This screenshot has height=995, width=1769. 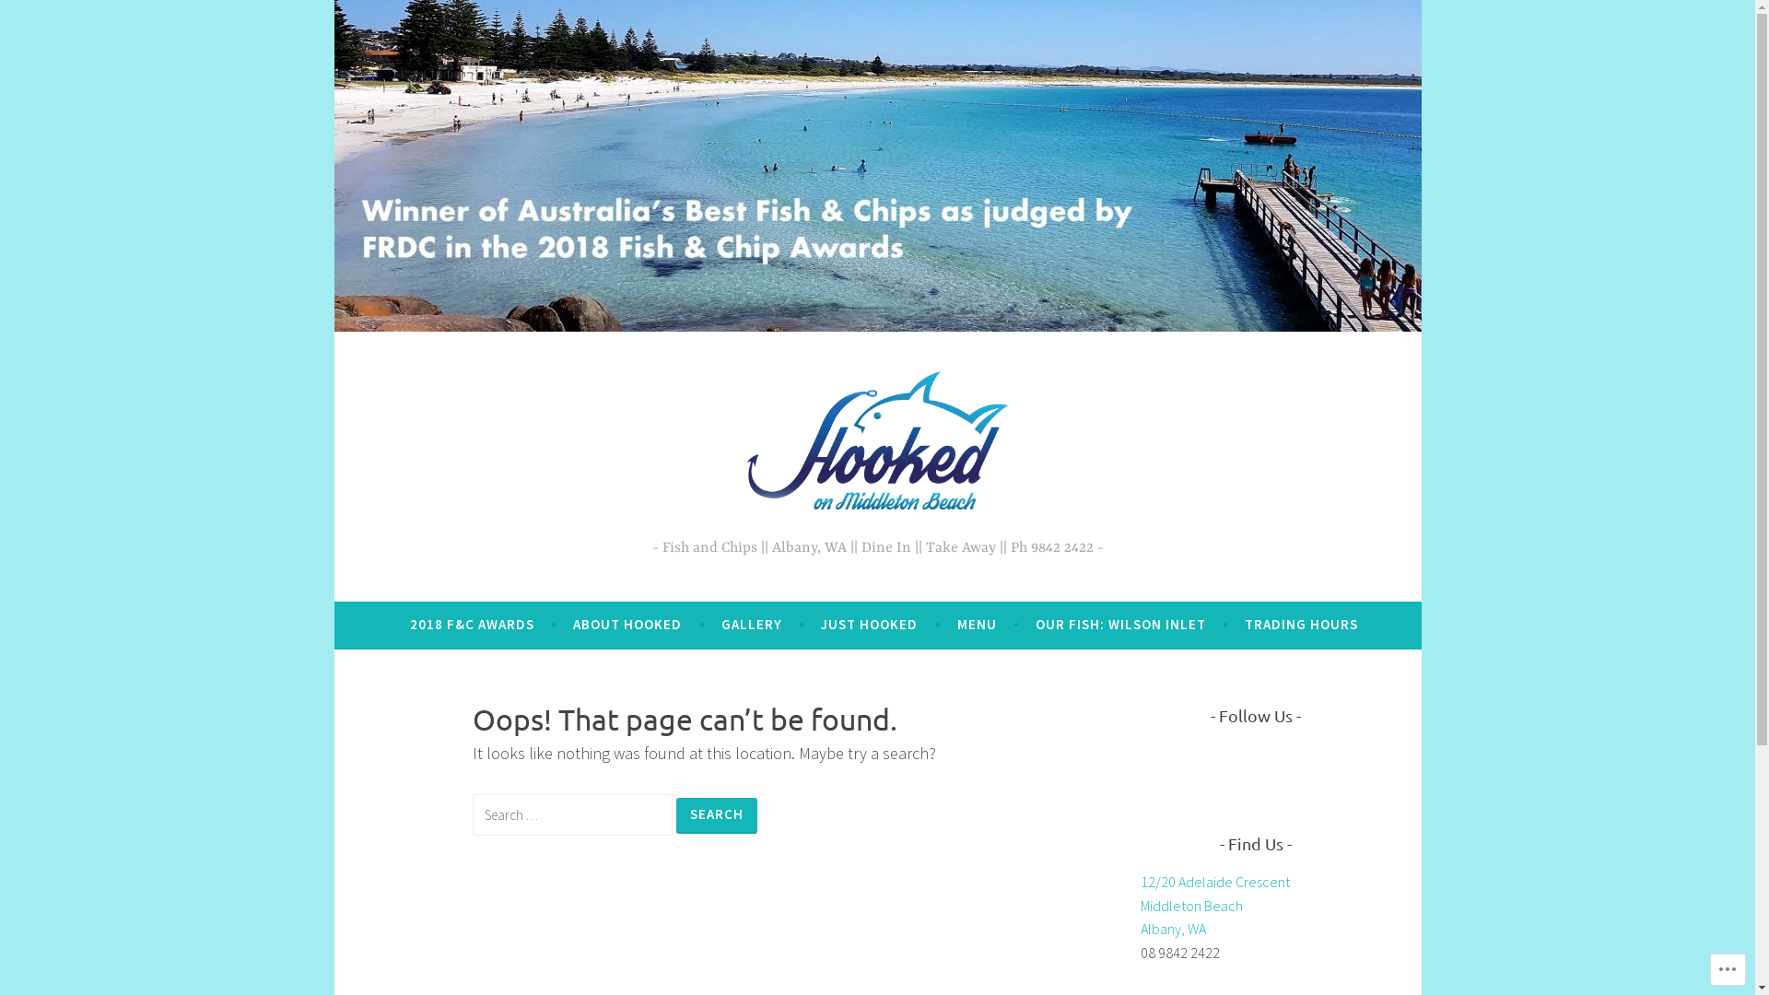 What do you see at coordinates (1035, 624) in the screenshot?
I see `'OUR FISH: WILSON INLET'` at bounding box center [1035, 624].